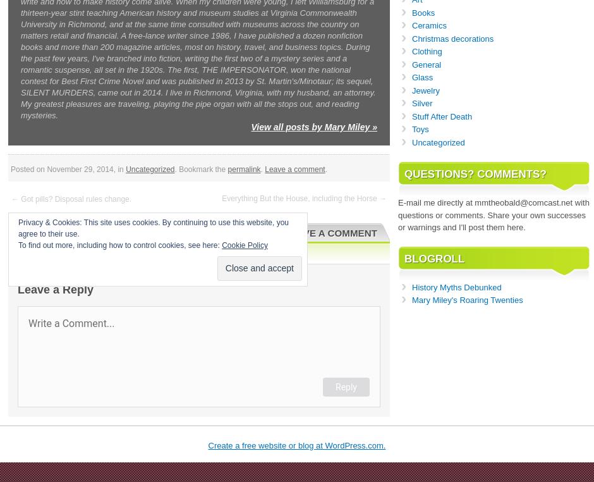 The height and width of the screenshot is (482, 594). What do you see at coordinates (411, 64) in the screenshot?
I see `'General'` at bounding box center [411, 64].